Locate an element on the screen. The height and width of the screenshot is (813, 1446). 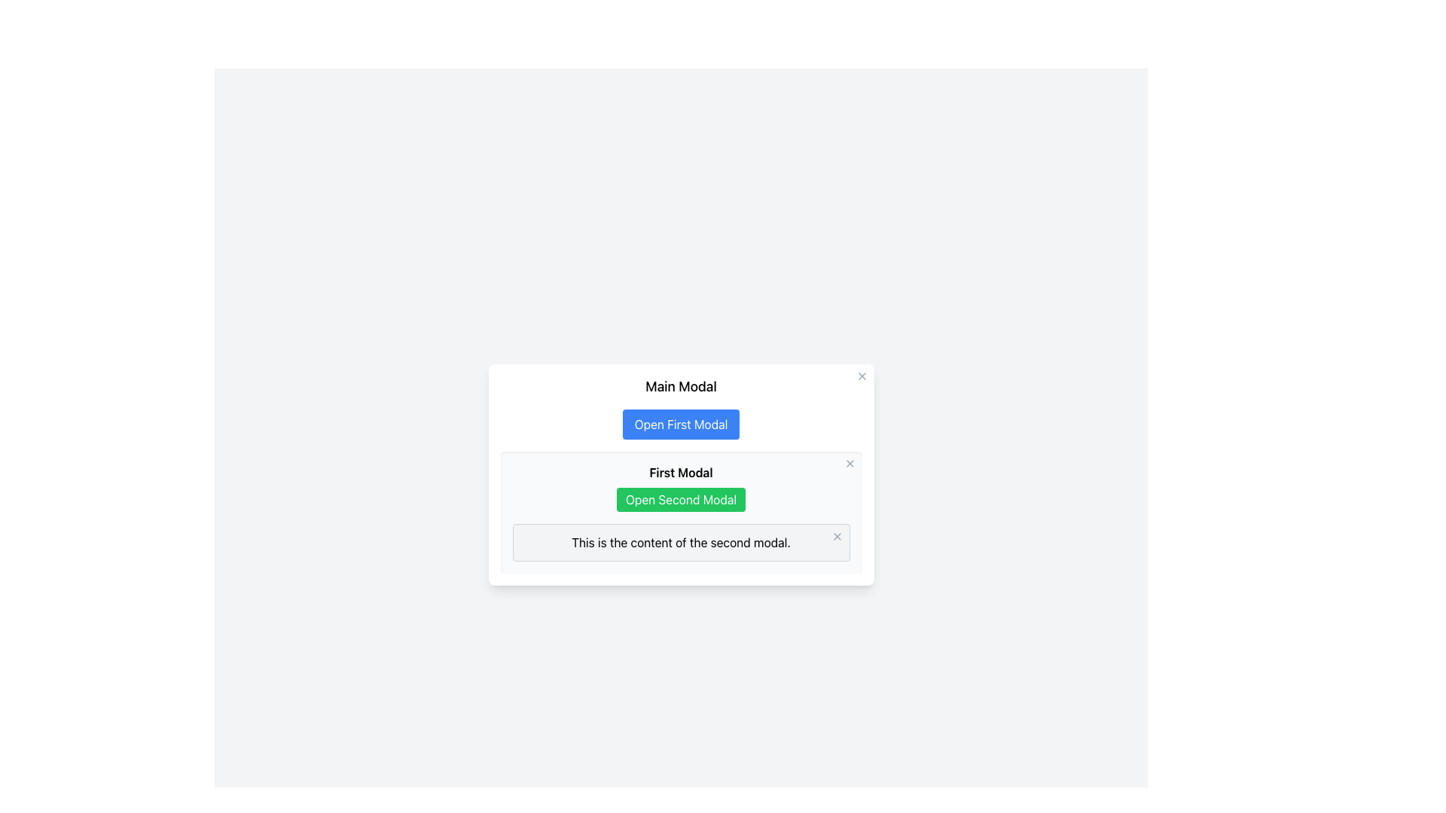
the content box with a close button that contains the text 'This is the content of the second modal.' is located at coordinates (680, 543).